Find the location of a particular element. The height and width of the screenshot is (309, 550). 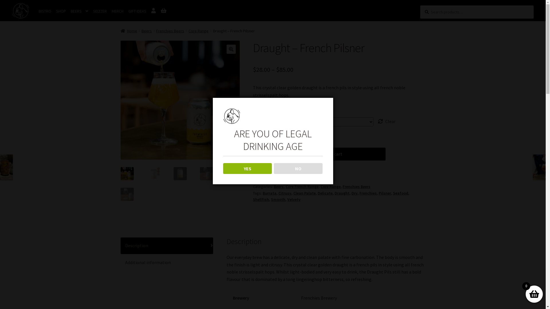

'Velvety' is located at coordinates (294, 199).